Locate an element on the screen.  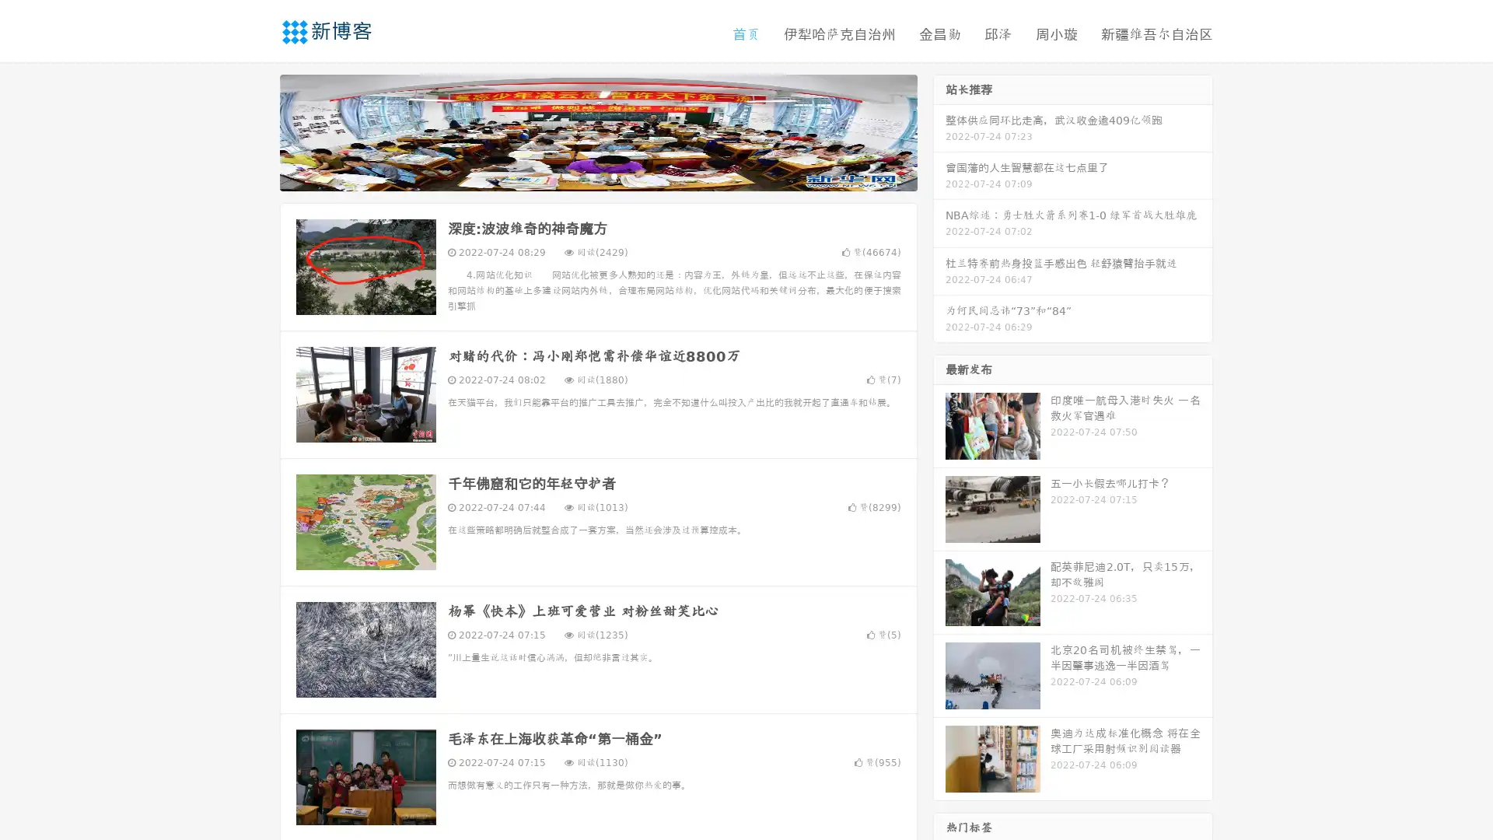
Go to slide 3 is located at coordinates (614, 175).